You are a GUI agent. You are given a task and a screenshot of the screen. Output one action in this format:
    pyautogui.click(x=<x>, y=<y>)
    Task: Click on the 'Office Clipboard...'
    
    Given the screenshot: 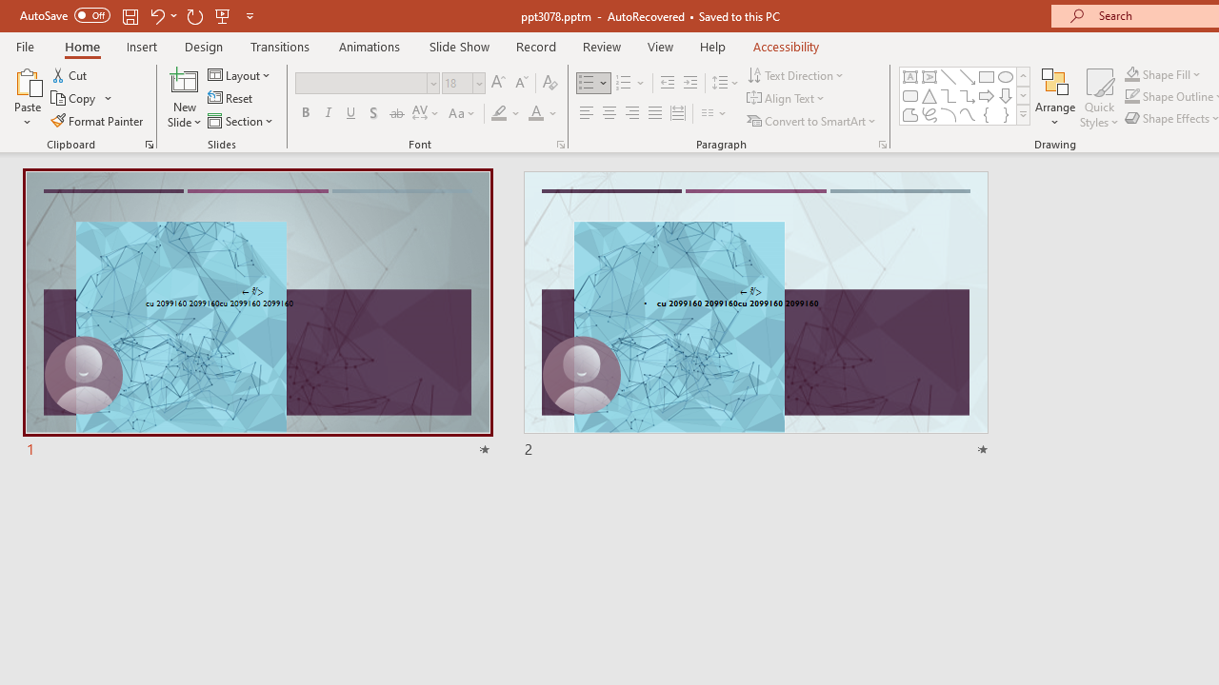 What is the action you would take?
    pyautogui.click(x=148, y=143)
    